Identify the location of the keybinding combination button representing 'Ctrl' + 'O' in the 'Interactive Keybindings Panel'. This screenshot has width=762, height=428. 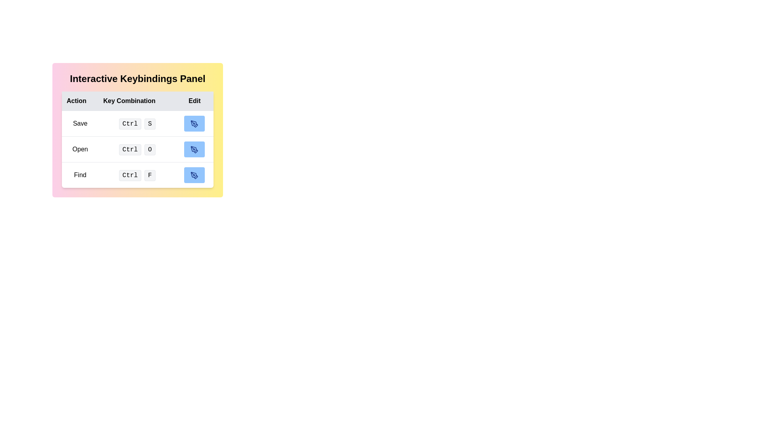
(137, 149).